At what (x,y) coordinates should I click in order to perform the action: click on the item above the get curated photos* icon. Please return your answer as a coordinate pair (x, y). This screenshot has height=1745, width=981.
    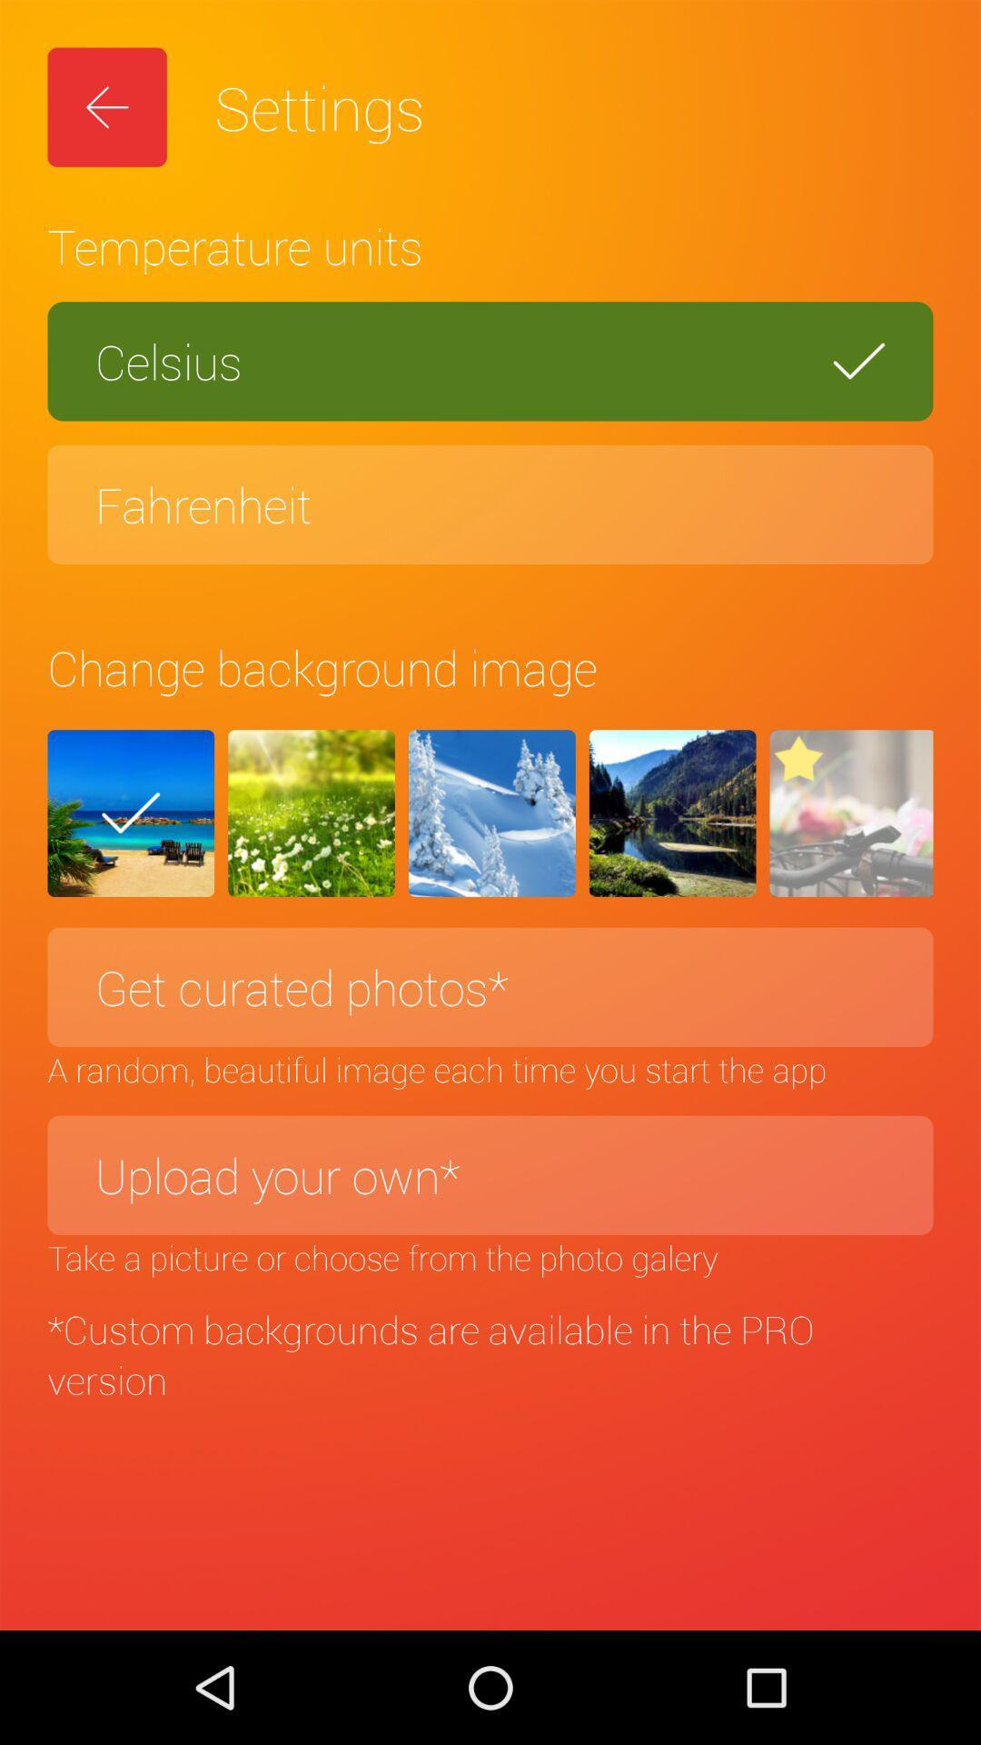
    Looking at the image, I should click on (851, 813).